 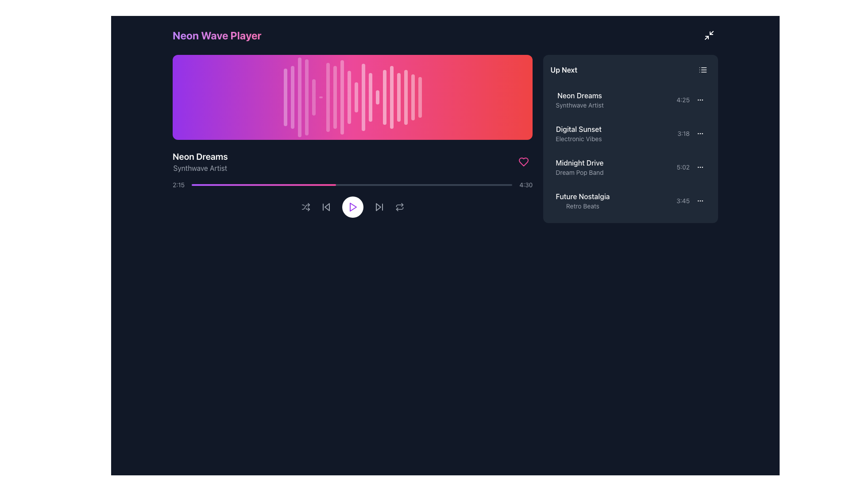 I want to click on the Icon button that resembles a list with three horizontal lines, located at the top-right section of the 'Up Next' box, so click(x=703, y=69).